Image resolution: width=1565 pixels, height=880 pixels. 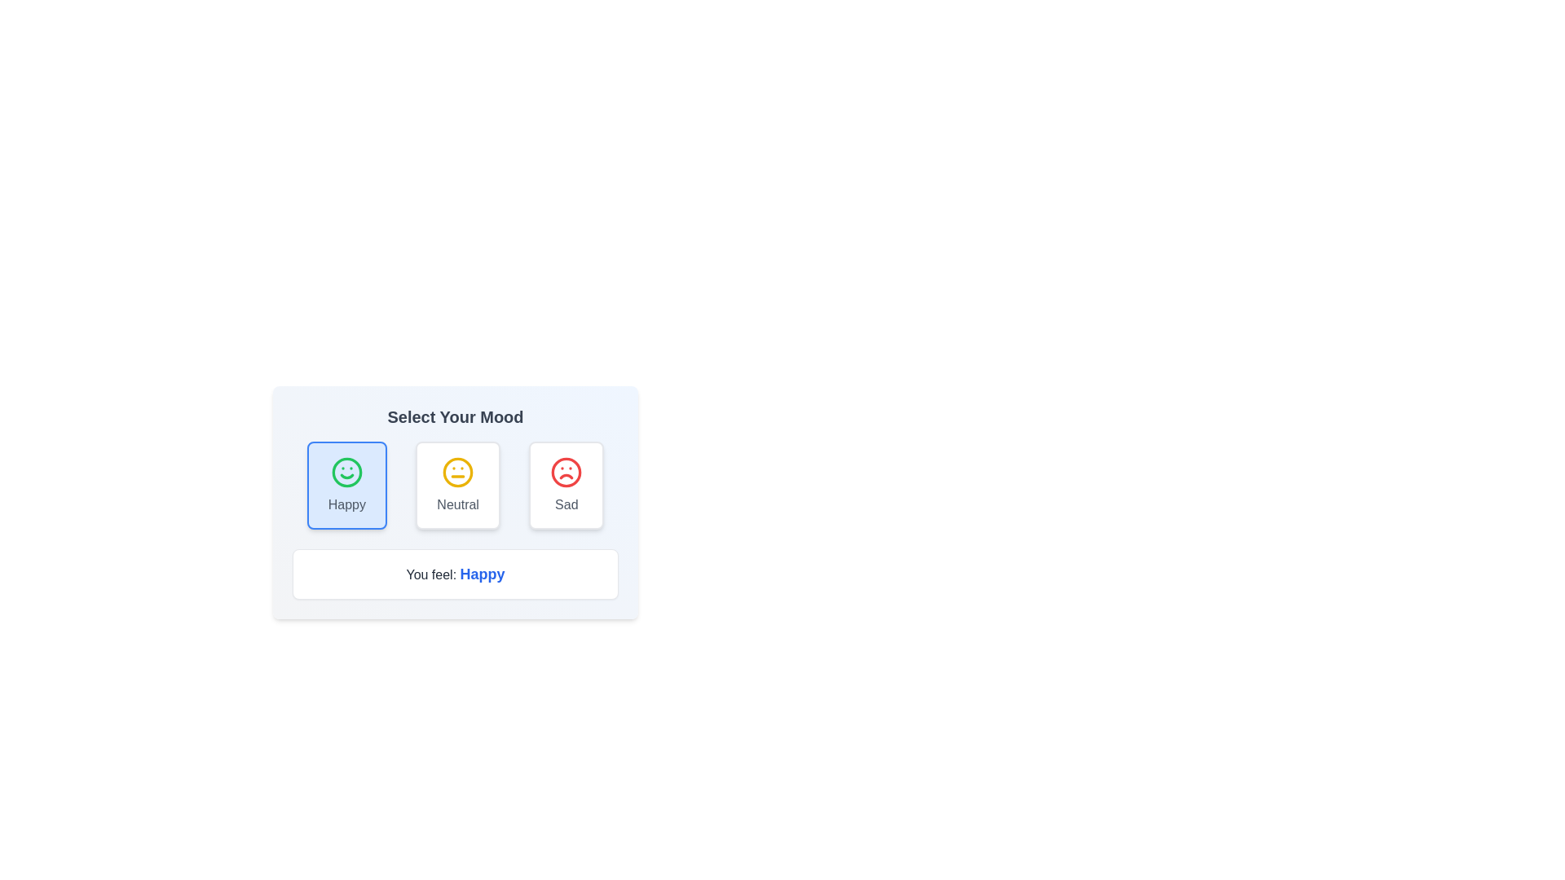 I want to click on the main icon representing the 'Neutral' mood option, which is centrally positioned above the word 'Neutral' within its bordered card layout, so click(x=457, y=472).